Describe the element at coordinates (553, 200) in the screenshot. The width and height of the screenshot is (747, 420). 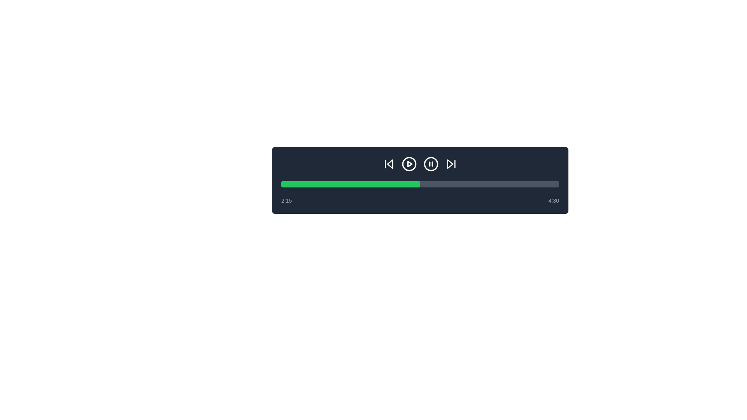
I see `the text label displaying '4:30' in gray color, located at the bottom right of the progress bar` at that location.